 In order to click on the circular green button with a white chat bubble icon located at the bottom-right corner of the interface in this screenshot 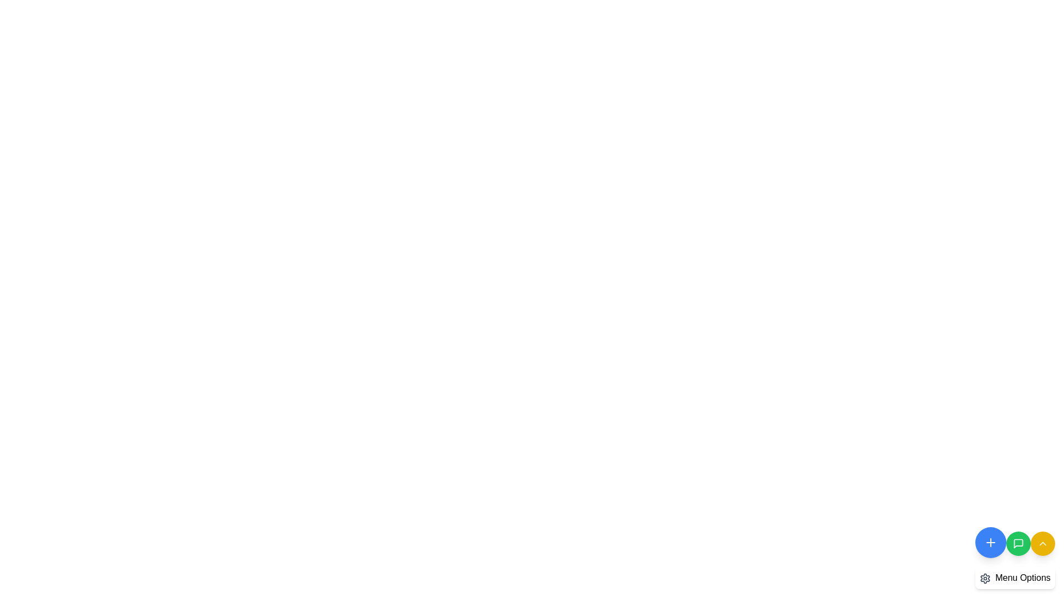, I will do `click(1019, 543)`.